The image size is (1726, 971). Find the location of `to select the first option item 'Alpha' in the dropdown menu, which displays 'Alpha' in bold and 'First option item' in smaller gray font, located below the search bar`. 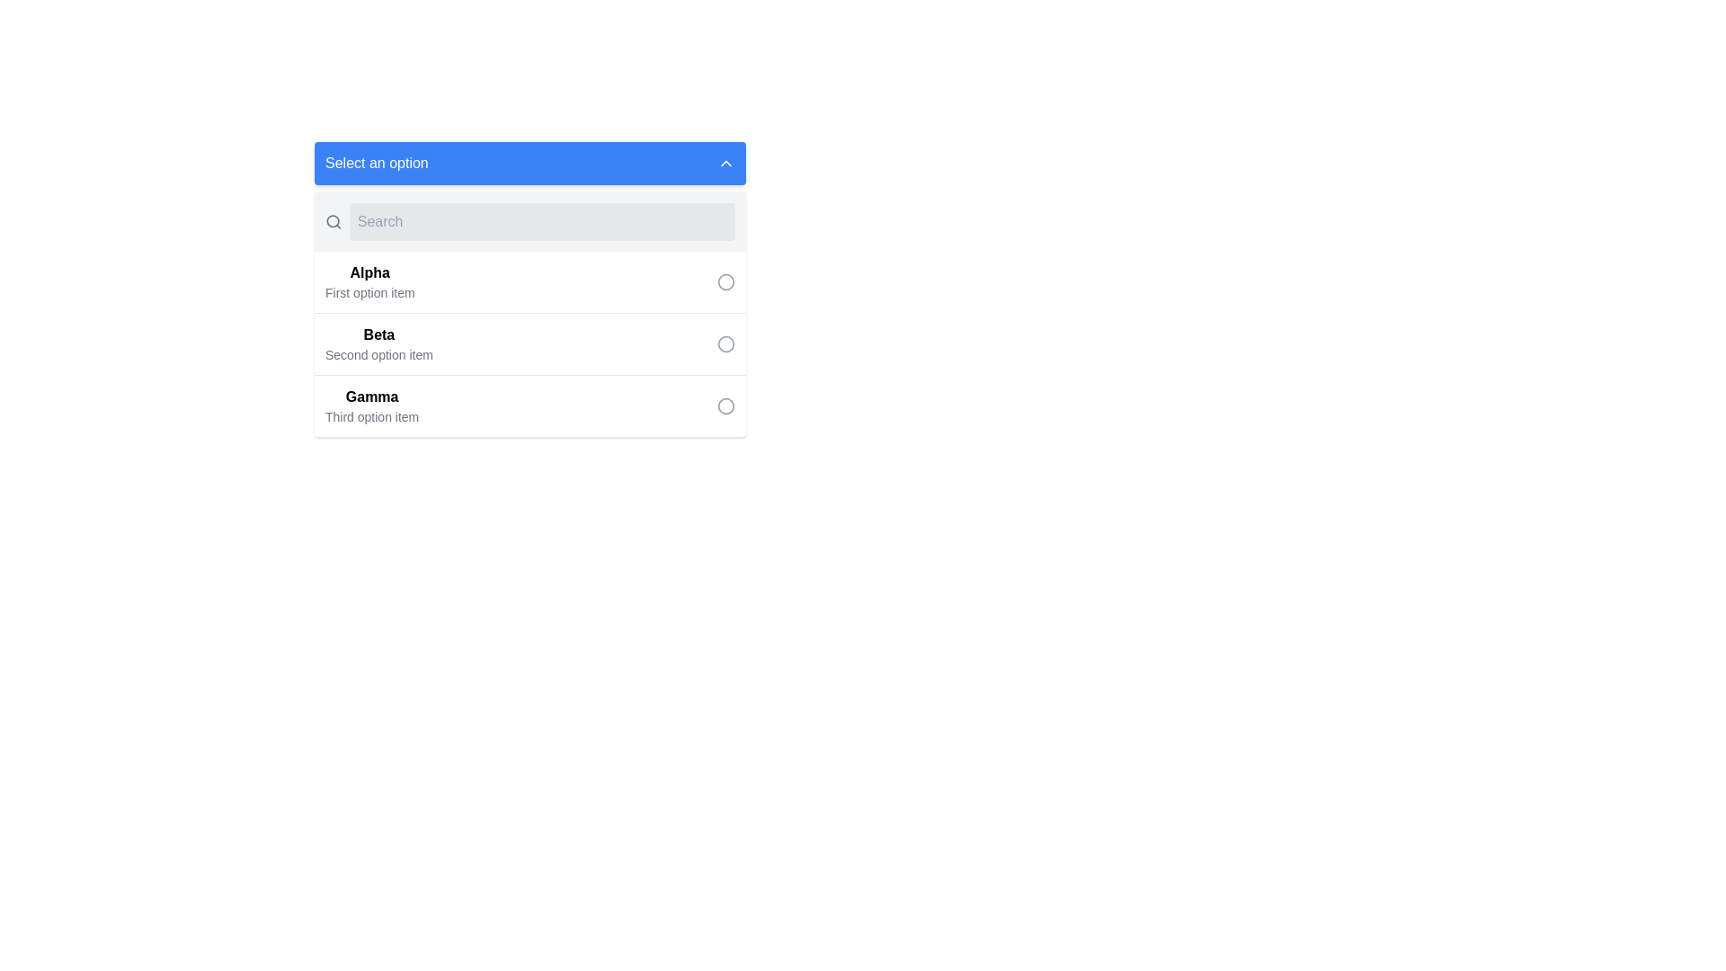

to select the first option item 'Alpha' in the dropdown menu, which displays 'Alpha' in bold and 'First option item' in smaller gray font, located below the search bar is located at coordinates (369, 281).